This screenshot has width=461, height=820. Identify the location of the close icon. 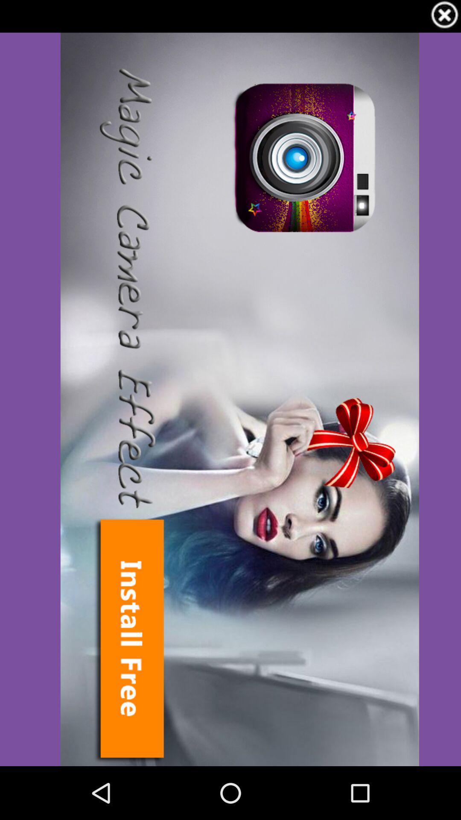
(444, 17).